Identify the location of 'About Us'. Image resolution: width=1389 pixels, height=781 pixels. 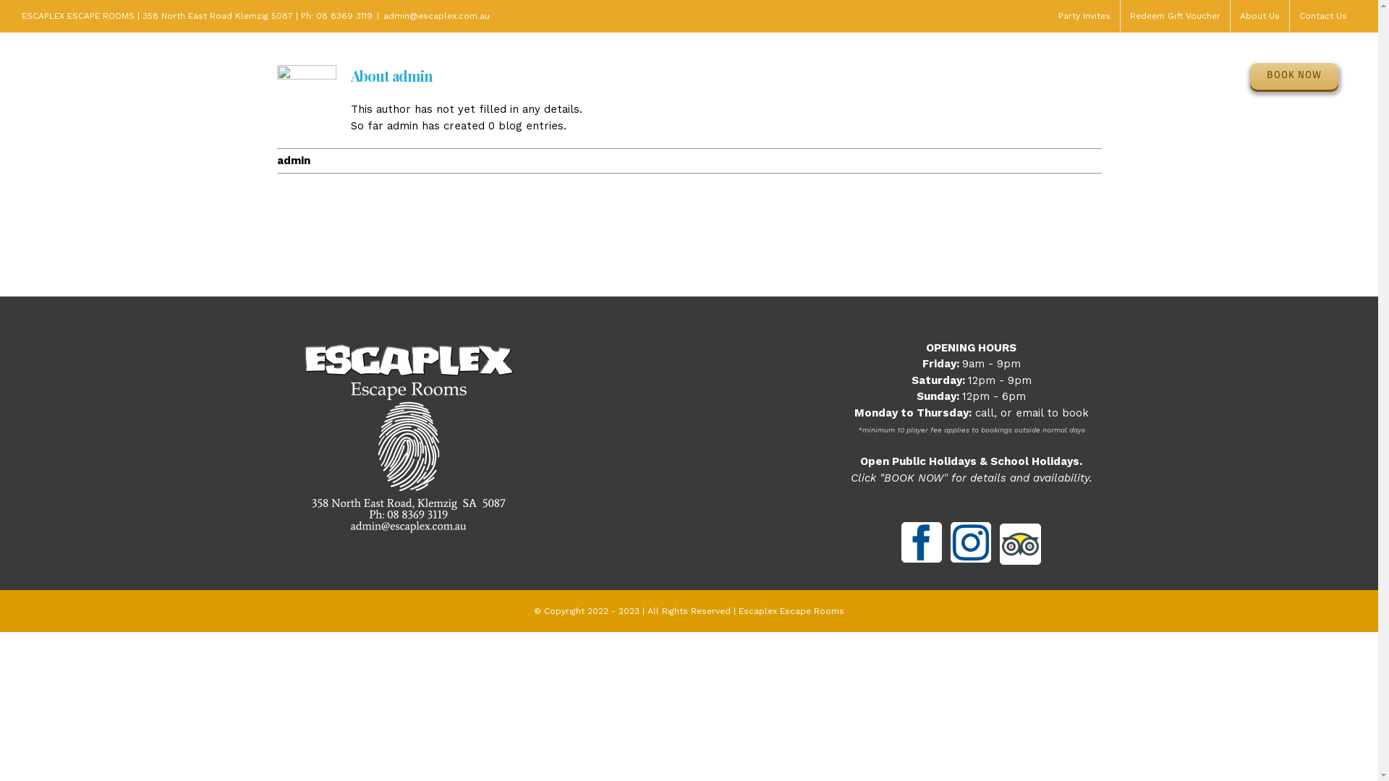
(1259, 16).